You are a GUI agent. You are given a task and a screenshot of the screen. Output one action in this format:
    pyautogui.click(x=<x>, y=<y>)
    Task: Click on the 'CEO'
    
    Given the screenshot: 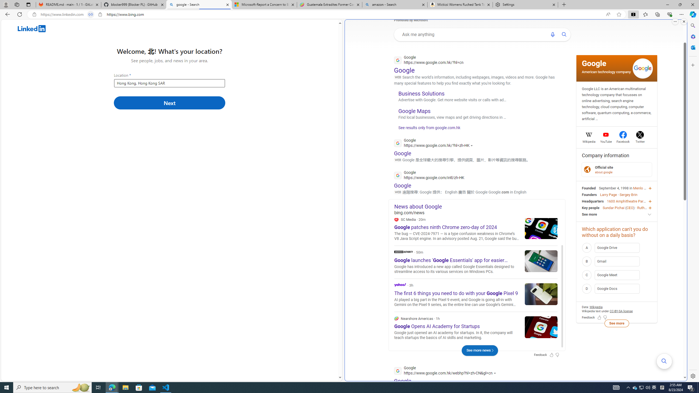 What is the action you would take?
    pyautogui.click(x=630, y=208)
    